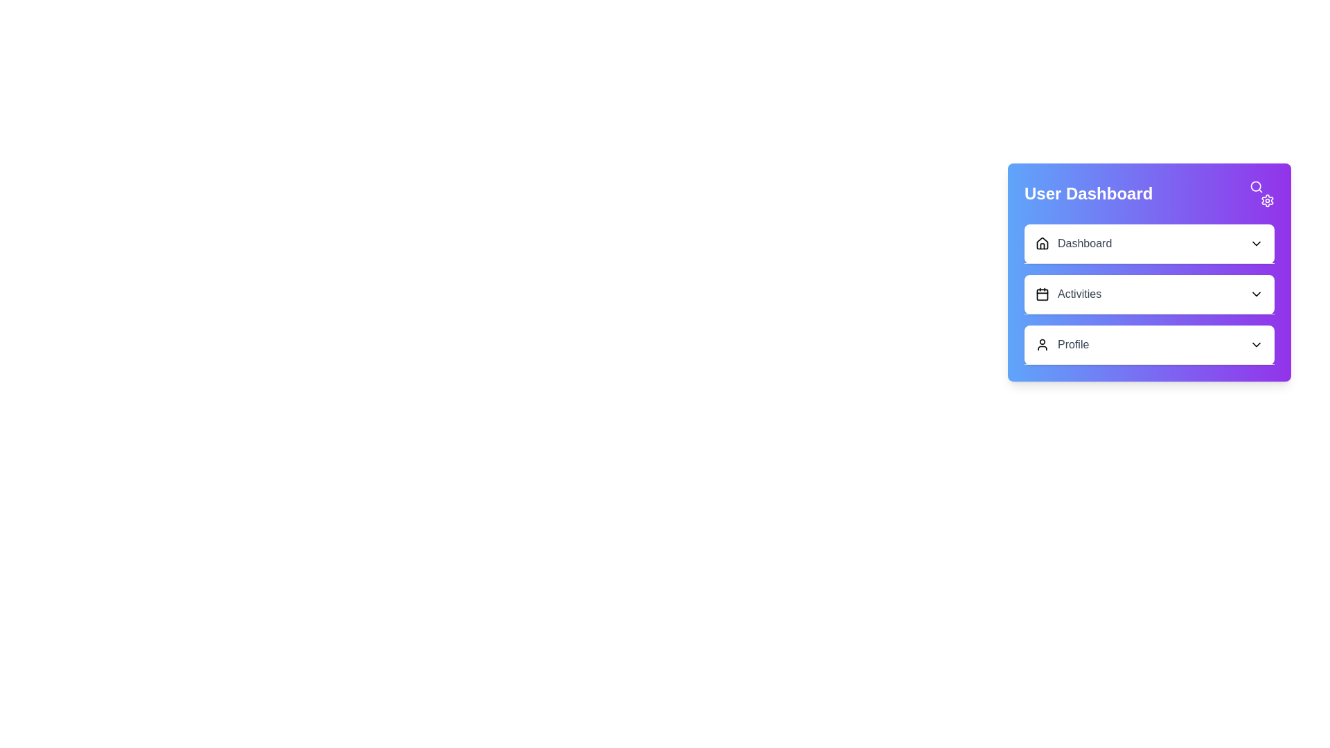  Describe the element at coordinates (1257, 293) in the screenshot. I see `the Dropdown indicator icon located to the far right of the 'Activities' label` at that location.